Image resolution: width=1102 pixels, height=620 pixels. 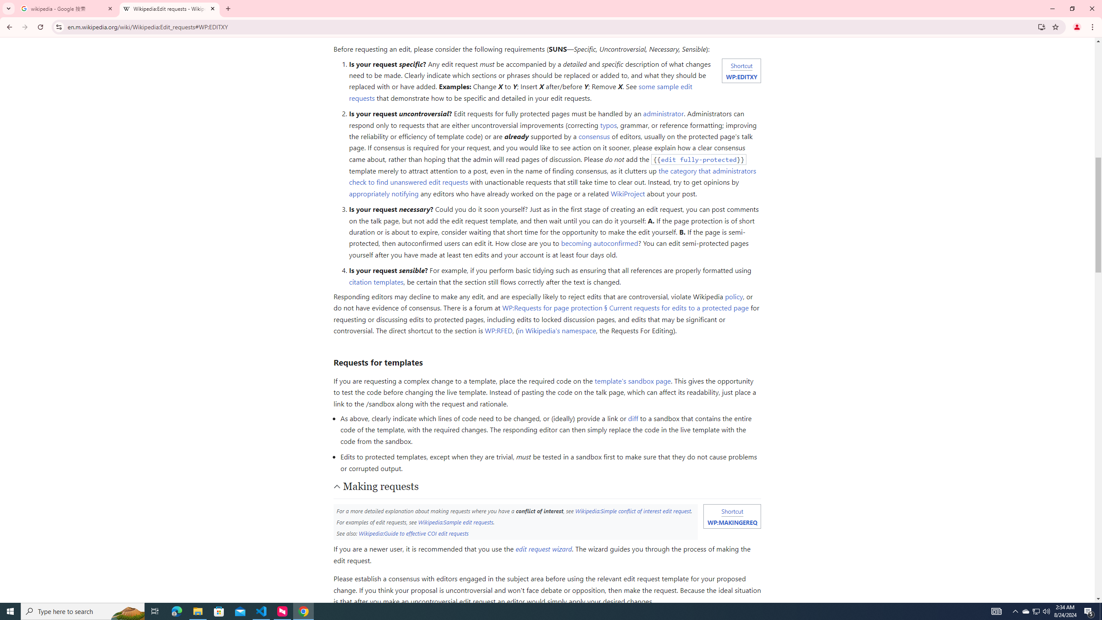 What do you see at coordinates (25, 27) in the screenshot?
I see `'Forward'` at bounding box center [25, 27].